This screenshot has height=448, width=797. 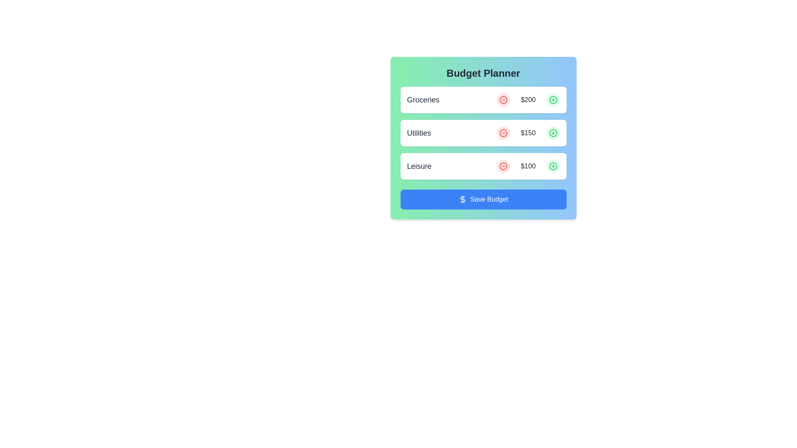 What do you see at coordinates (503, 166) in the screenshot?
I see `the circular button with a minus icon that decreases the '$100' value in the 'Leisure' category` at bounding box center [503, 166].